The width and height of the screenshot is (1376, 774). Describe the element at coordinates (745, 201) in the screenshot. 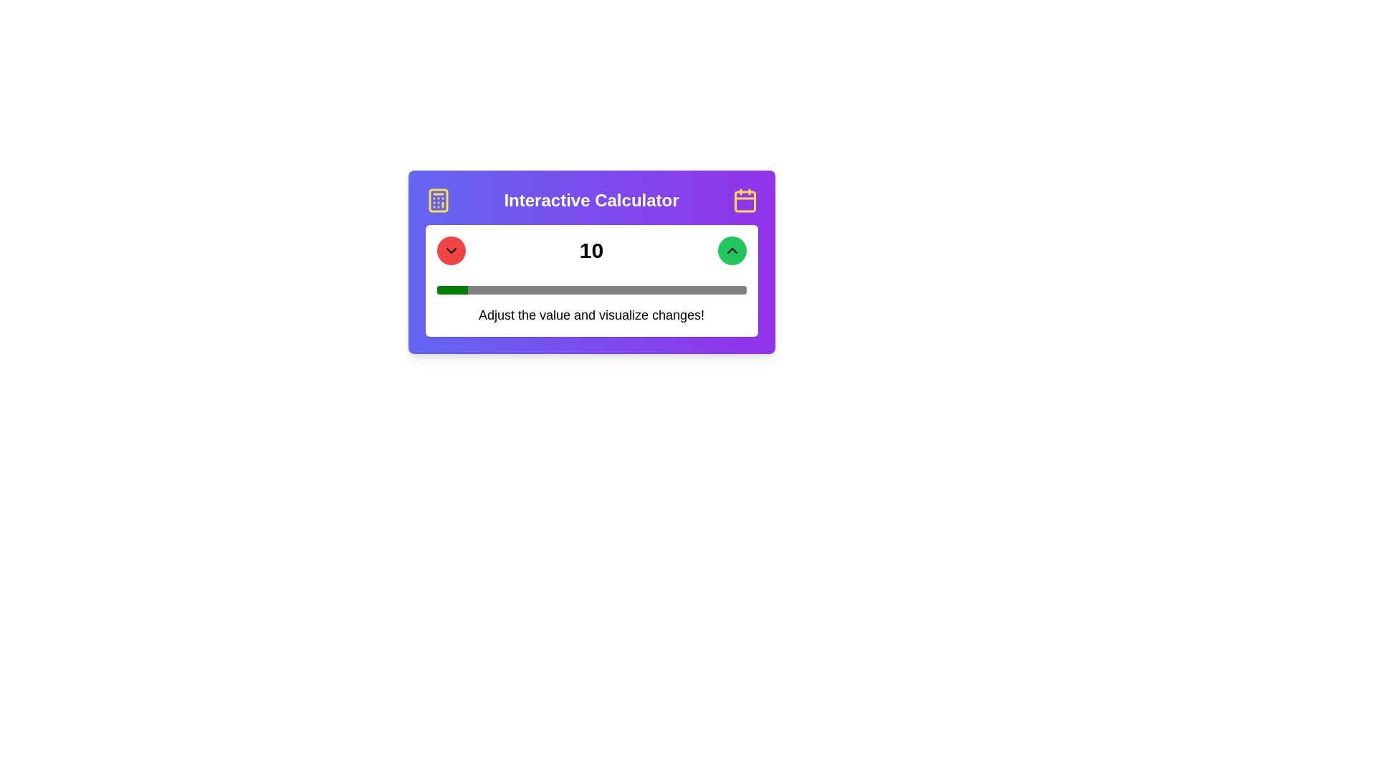

I see `the square-shaped icon background with rounded corners` at that location.